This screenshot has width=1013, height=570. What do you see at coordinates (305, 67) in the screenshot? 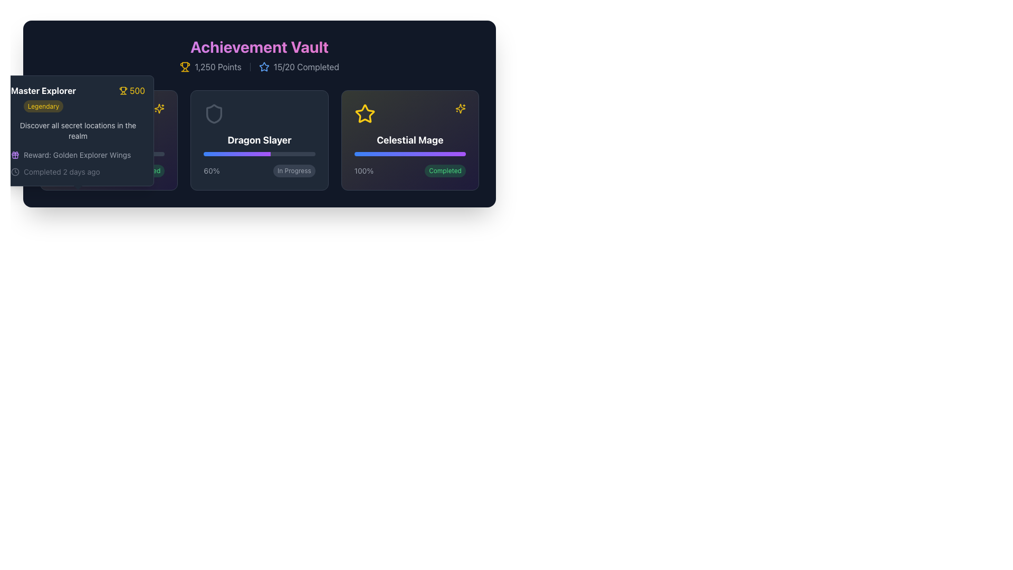
I see `the text label displaying '15/20 Completed', which is centrally aligned near the top of the interface and positioned between a star icon and the text '1,250 Points'` at bounding box center [305, 67].